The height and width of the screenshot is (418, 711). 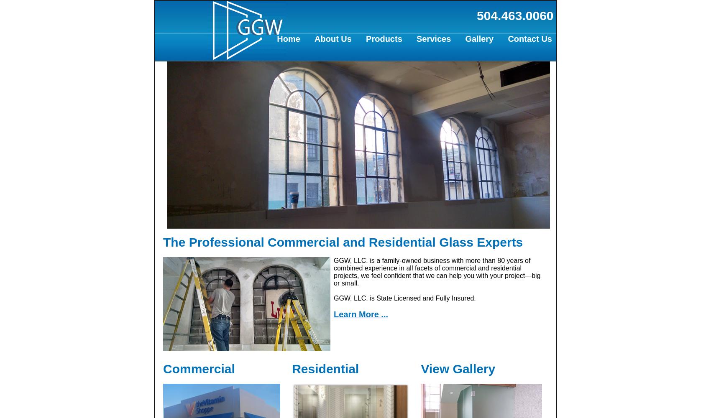 What do you see at coordinates (332, 38) in the screenshot?
I see `'About Us'` at bounding box center [332, 38].